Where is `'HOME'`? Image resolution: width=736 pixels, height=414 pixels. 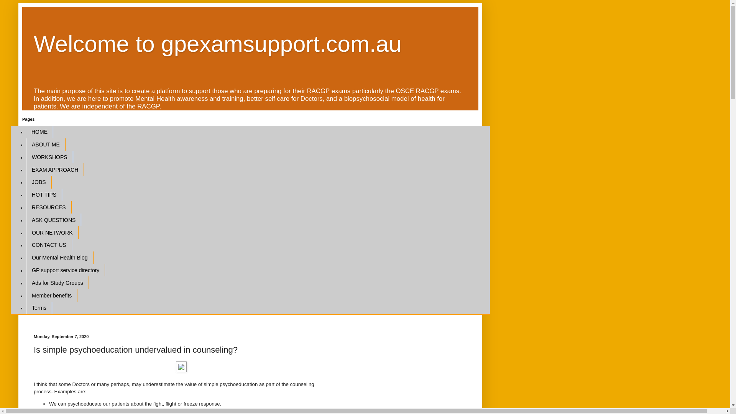
'HOME' is located at coordinates (39, 131).